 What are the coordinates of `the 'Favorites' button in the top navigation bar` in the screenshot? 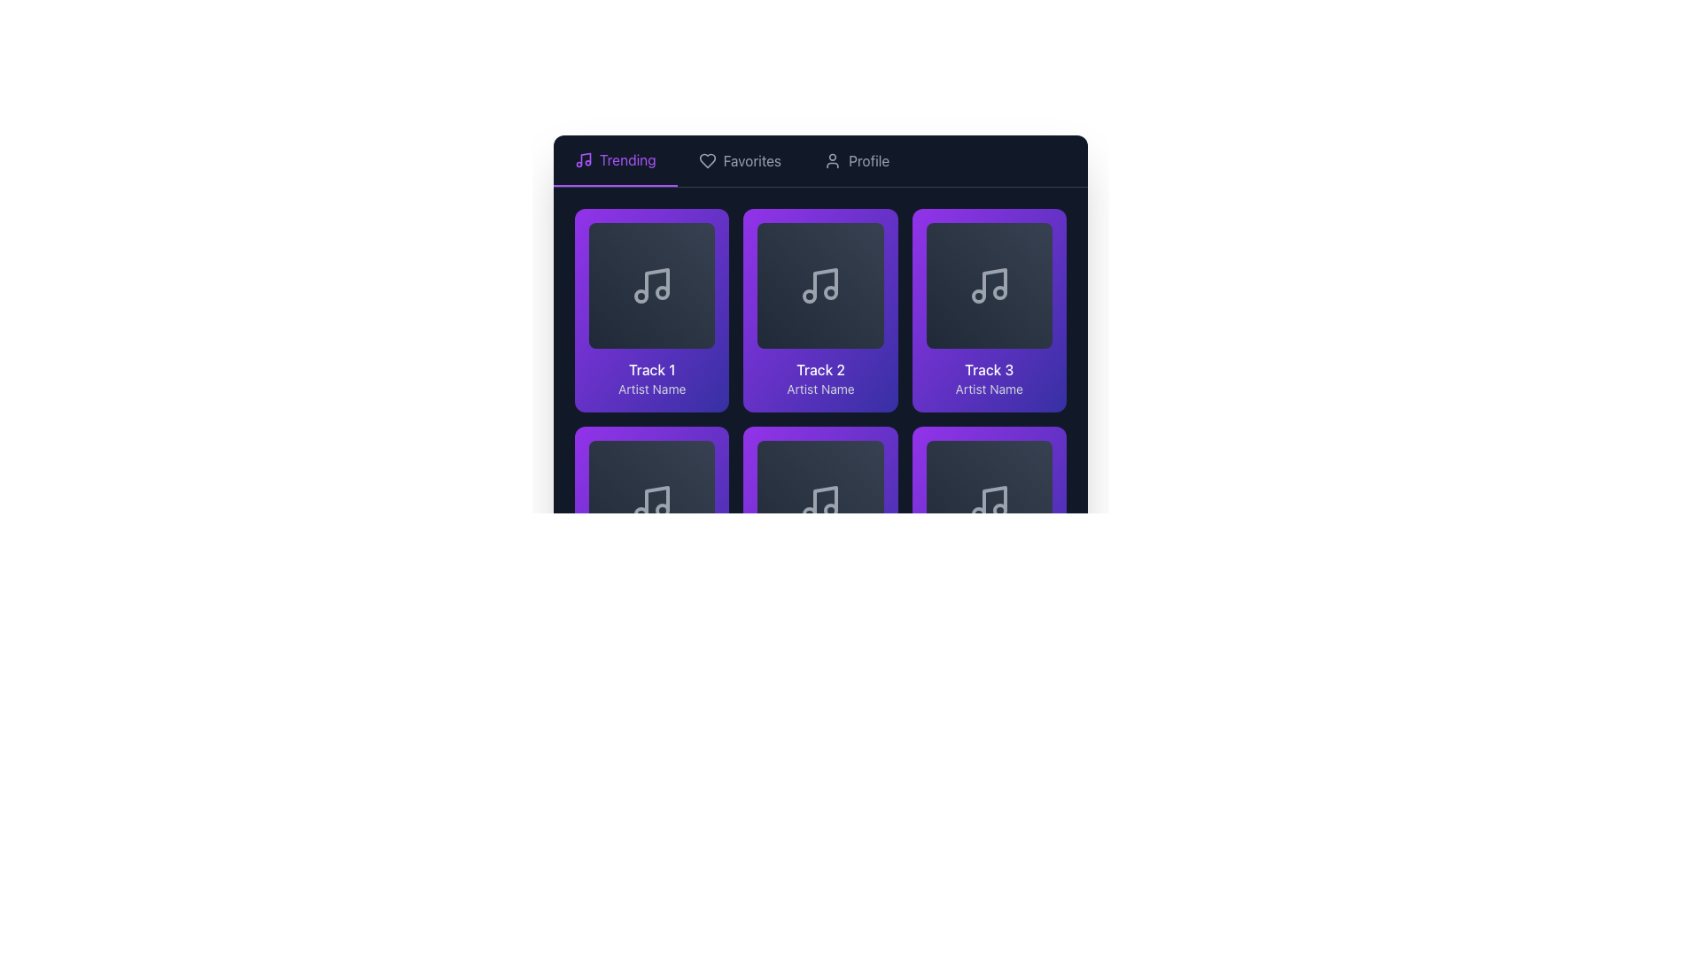 It's located at (819, 161).